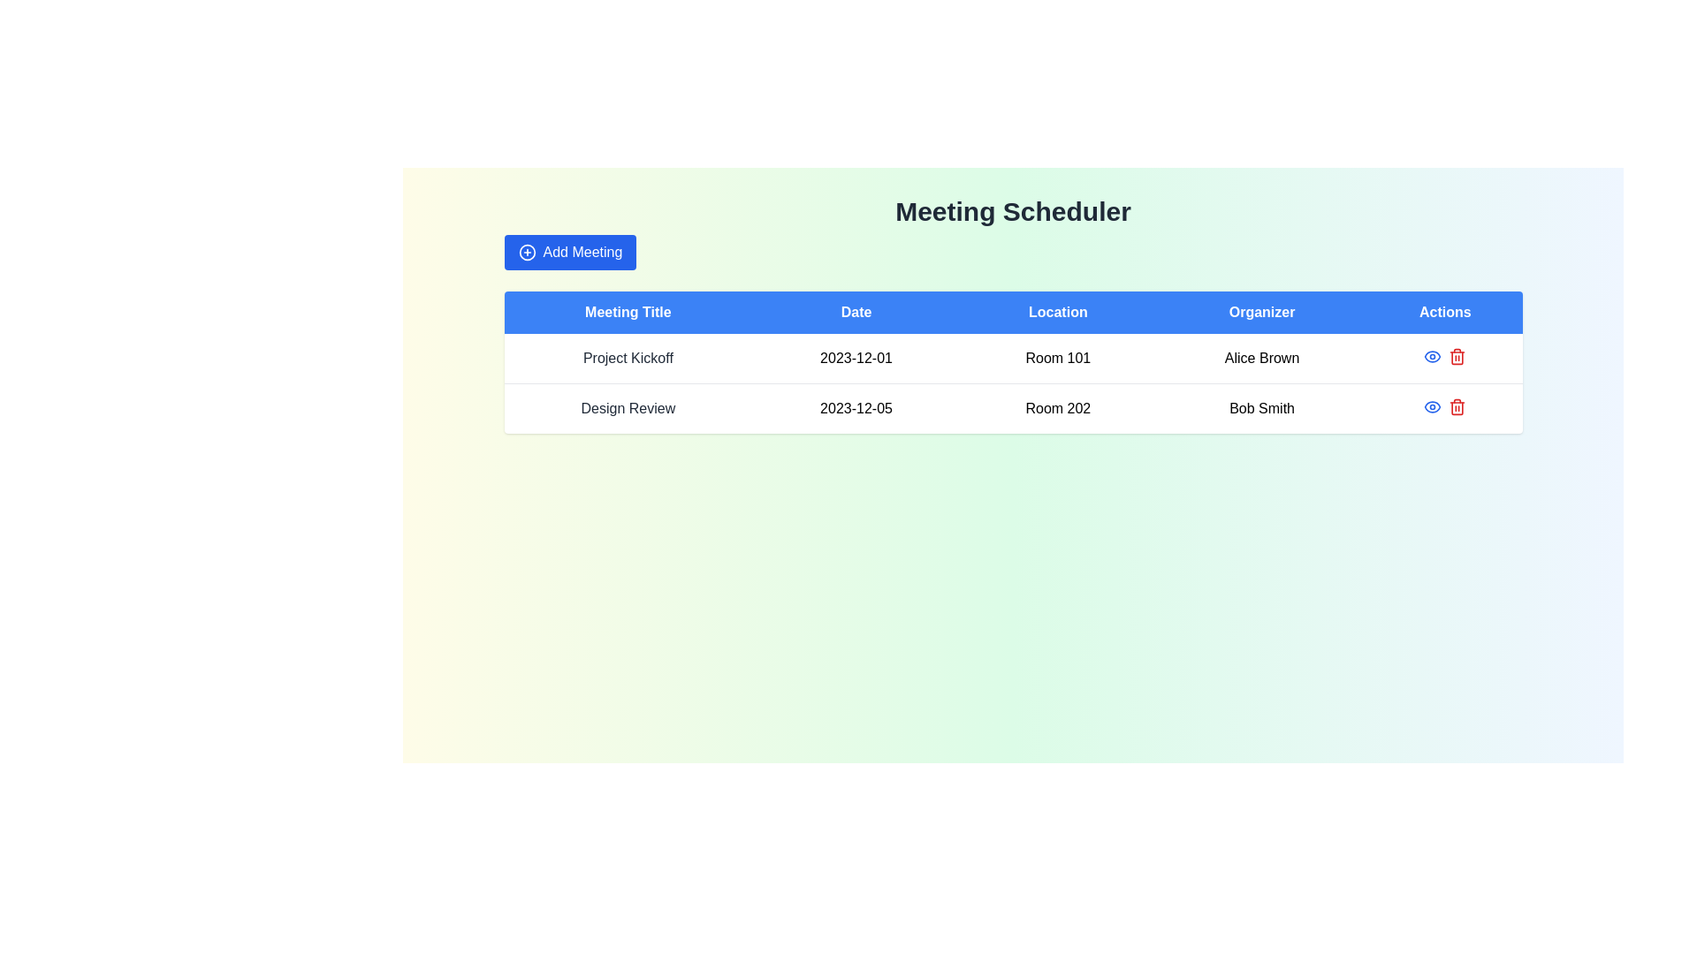  Describe the element at coordinates (526, 252) in the screenshot. I see `the lucide-circle-plus icon located at the top-left of the interface` at that location.